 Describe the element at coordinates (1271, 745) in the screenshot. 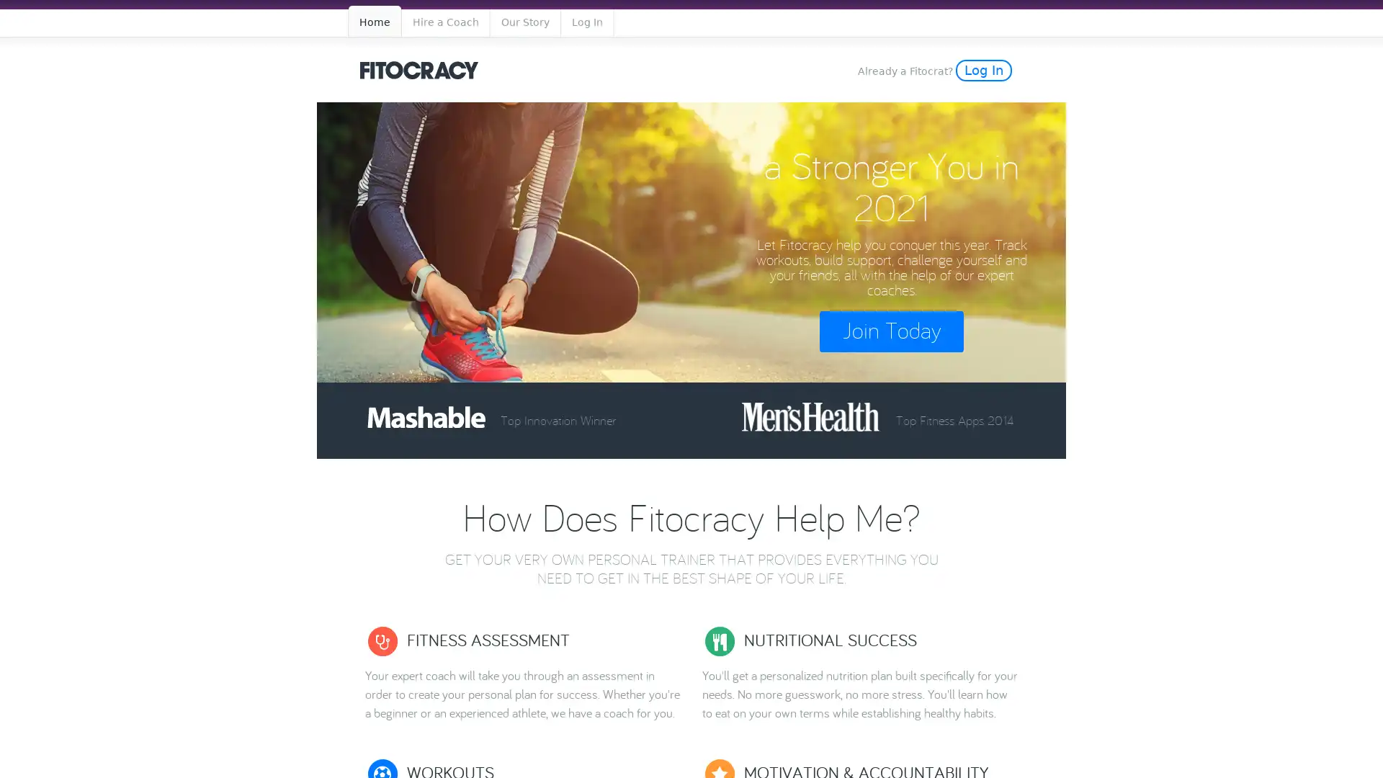

I see `Need Help Finding a Coach?` at that location.